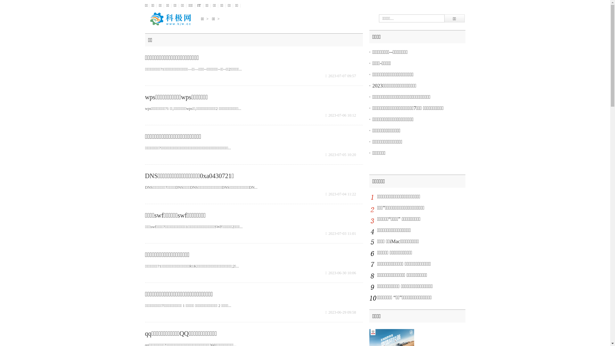 The width and height of the screenshot is (615, 346). I want to click on 'IT', so click(199, 5).